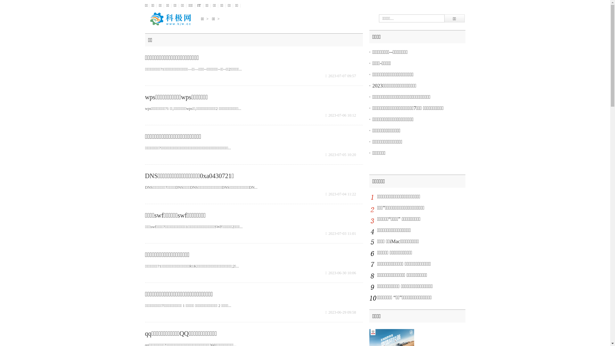 The width and height of the screenshot is (615, 346). I want to click on 'IT', so click(199, 5).